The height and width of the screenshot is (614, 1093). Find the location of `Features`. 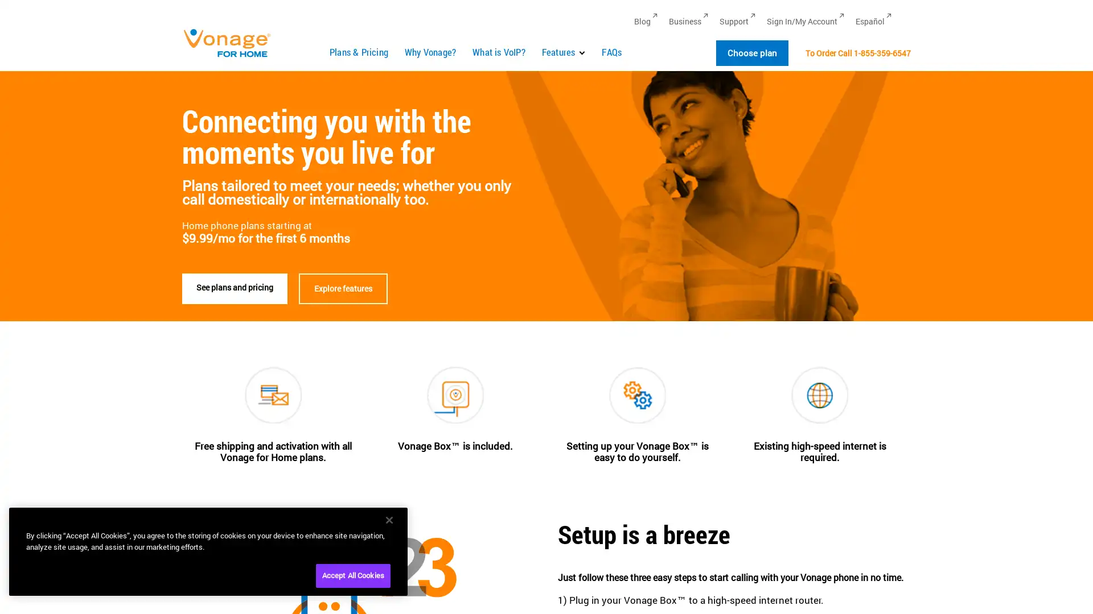

Features is located at coordinates (563, 52).